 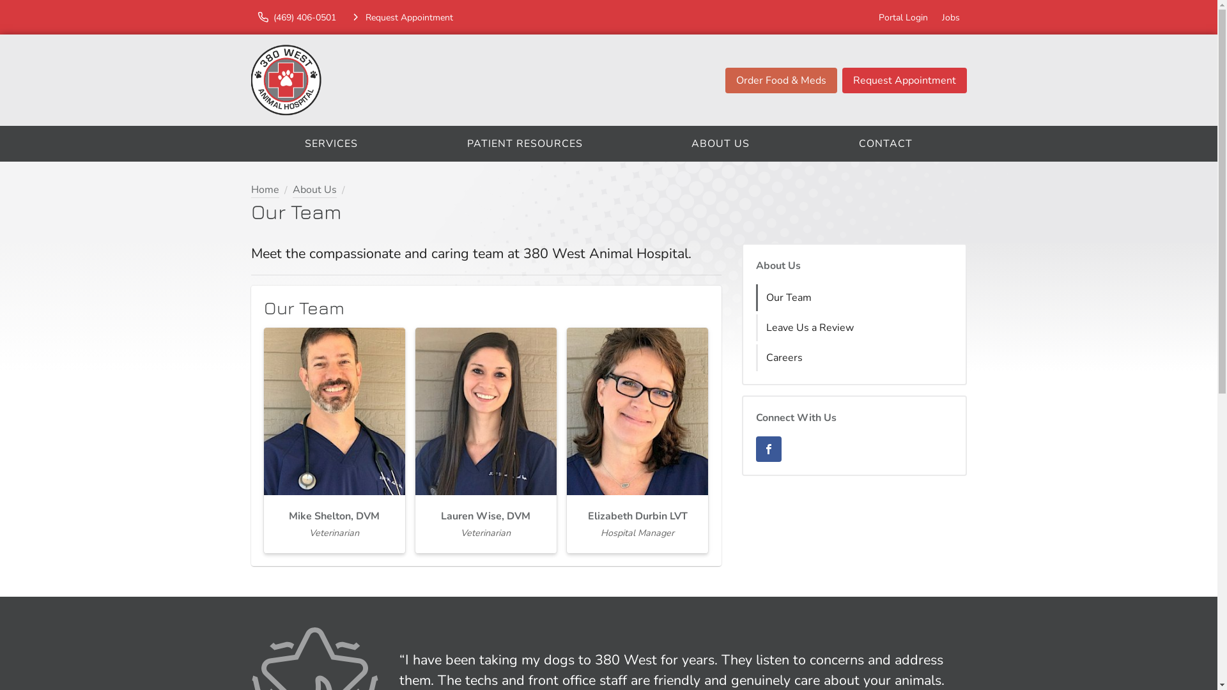 What do you see at coordinates (721, 143) in the screenshot?
I see `'ABOUT US'` at bounding box center [721, 143].